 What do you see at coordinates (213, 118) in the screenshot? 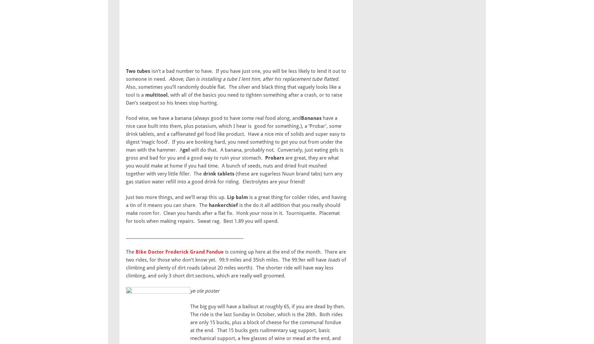
I see `'Food wise, we have a banana (always good to have some real food along, and'` at bounding box center [213, 118].